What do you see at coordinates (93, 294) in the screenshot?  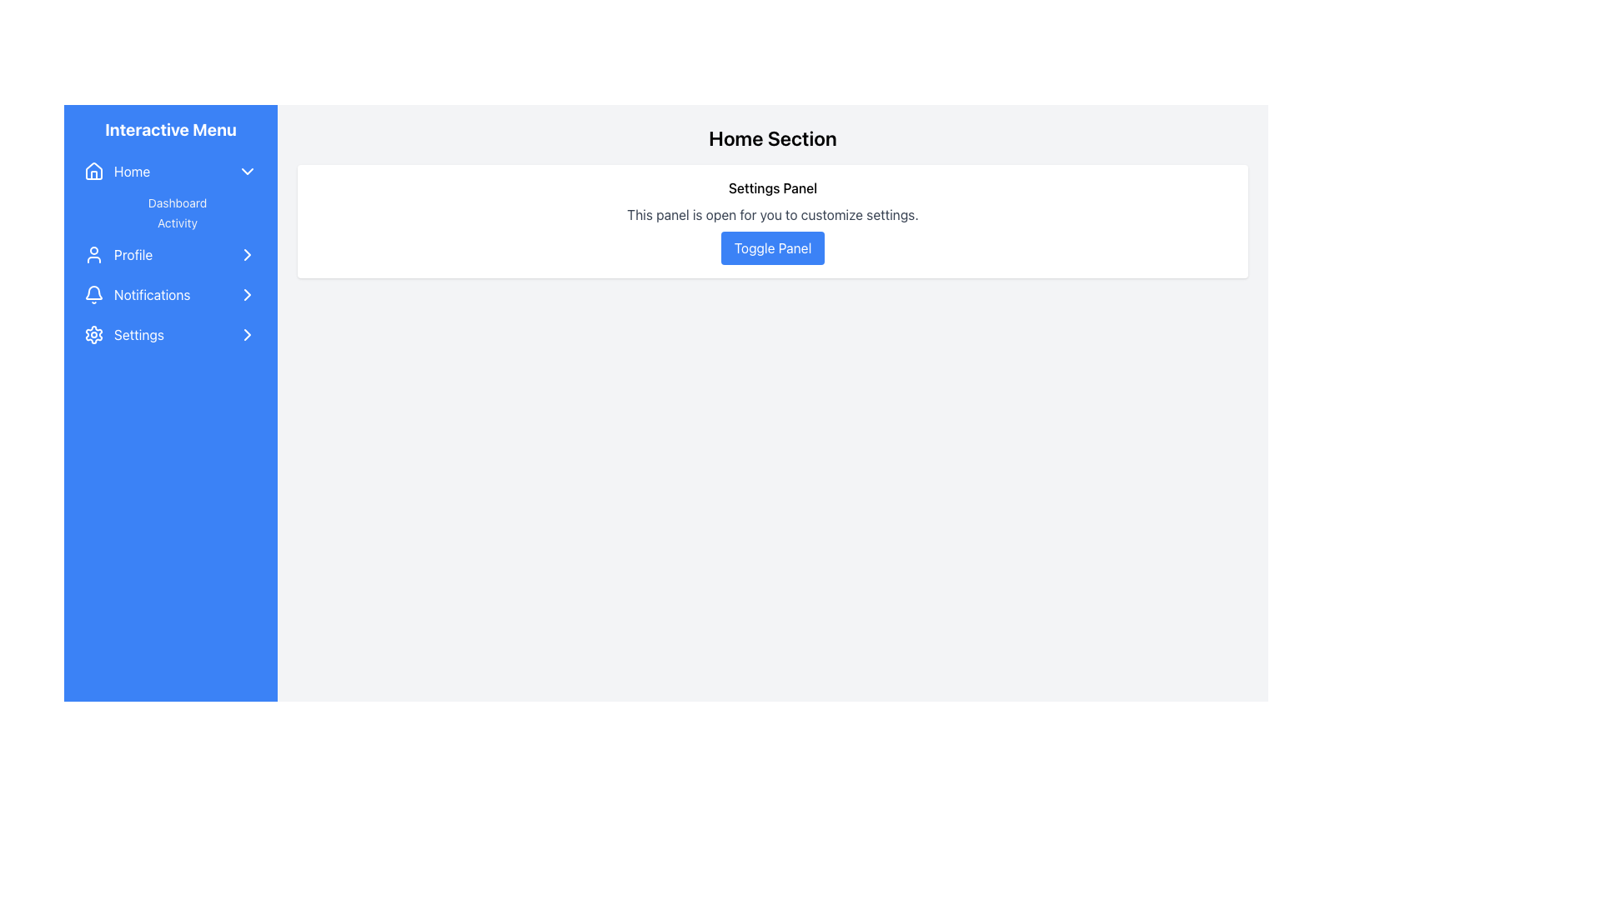 I see `the bell-shaped notification icon located on the left-hand side navigation menu, adjacent to the 'Notifications' text` at bounding box center [93, 294].